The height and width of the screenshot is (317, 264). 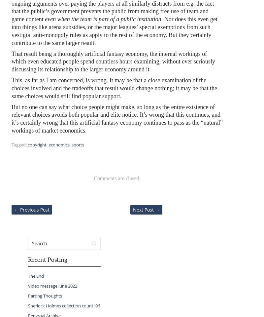 I want to click on 'Tagged:', so click(x=18, y=144).